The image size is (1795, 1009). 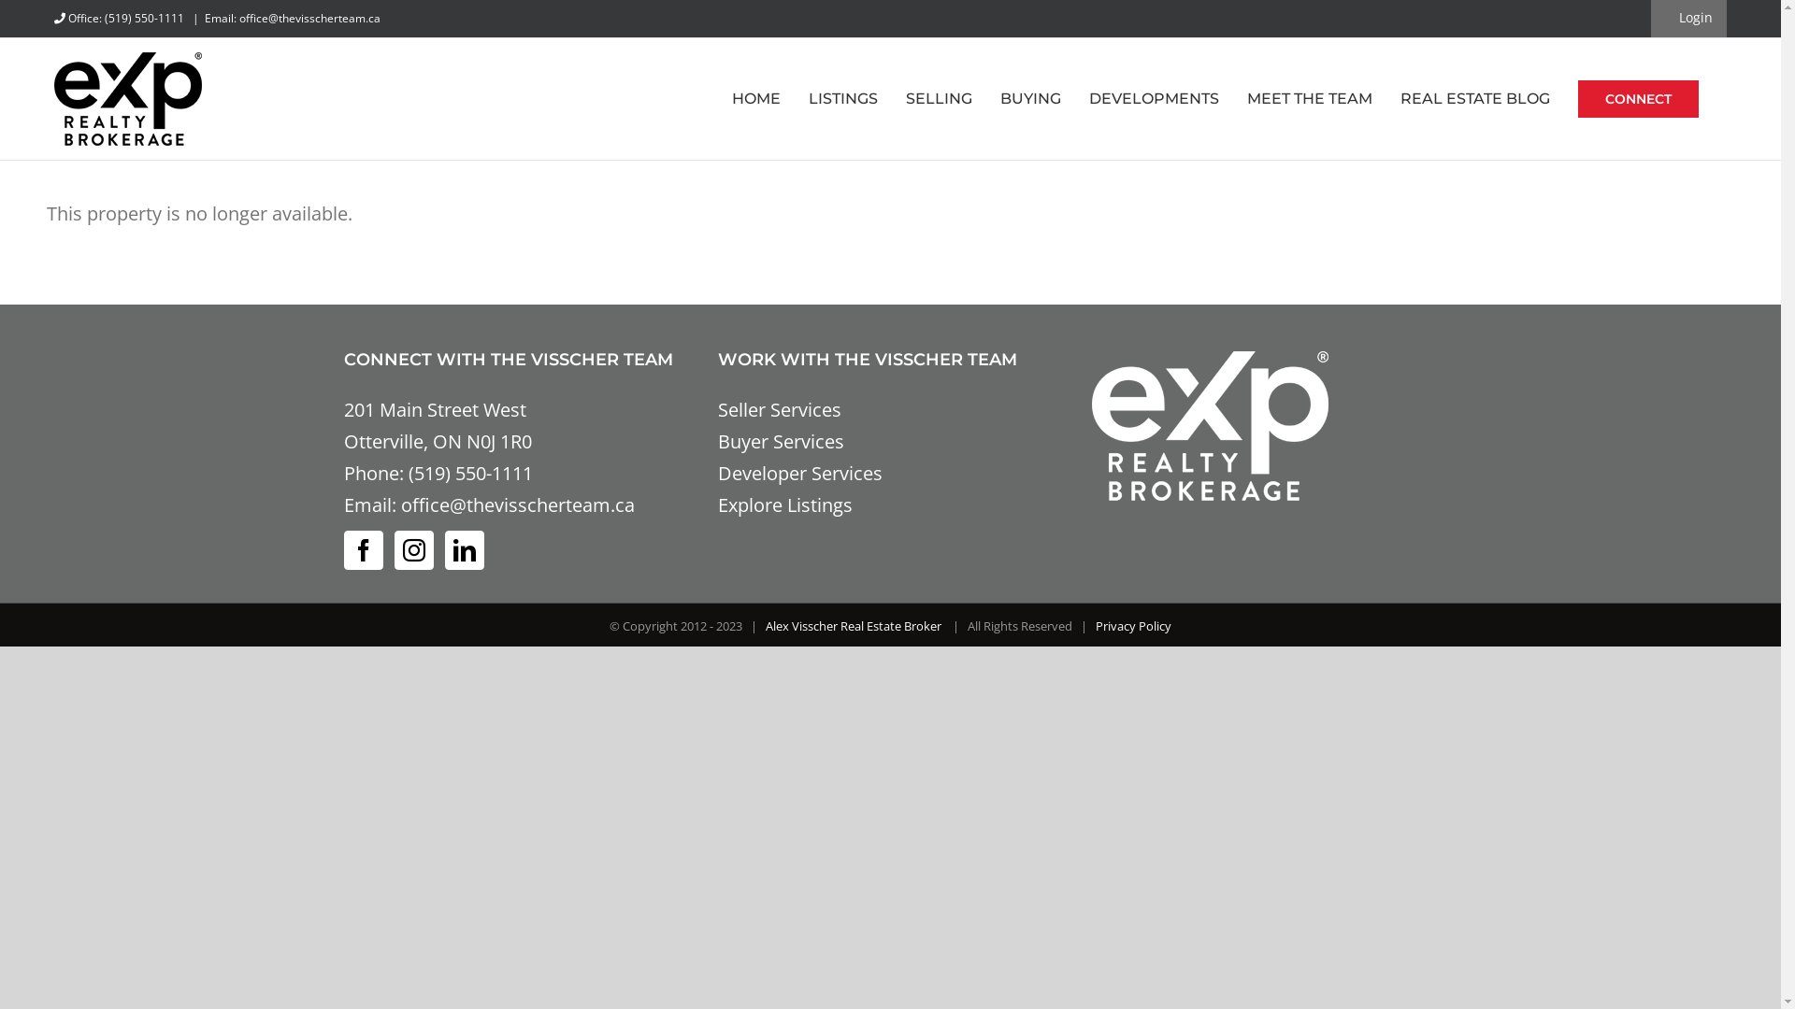 I want to click on 'REAL ESTATE BLOG', so click(x=1474, y=98).